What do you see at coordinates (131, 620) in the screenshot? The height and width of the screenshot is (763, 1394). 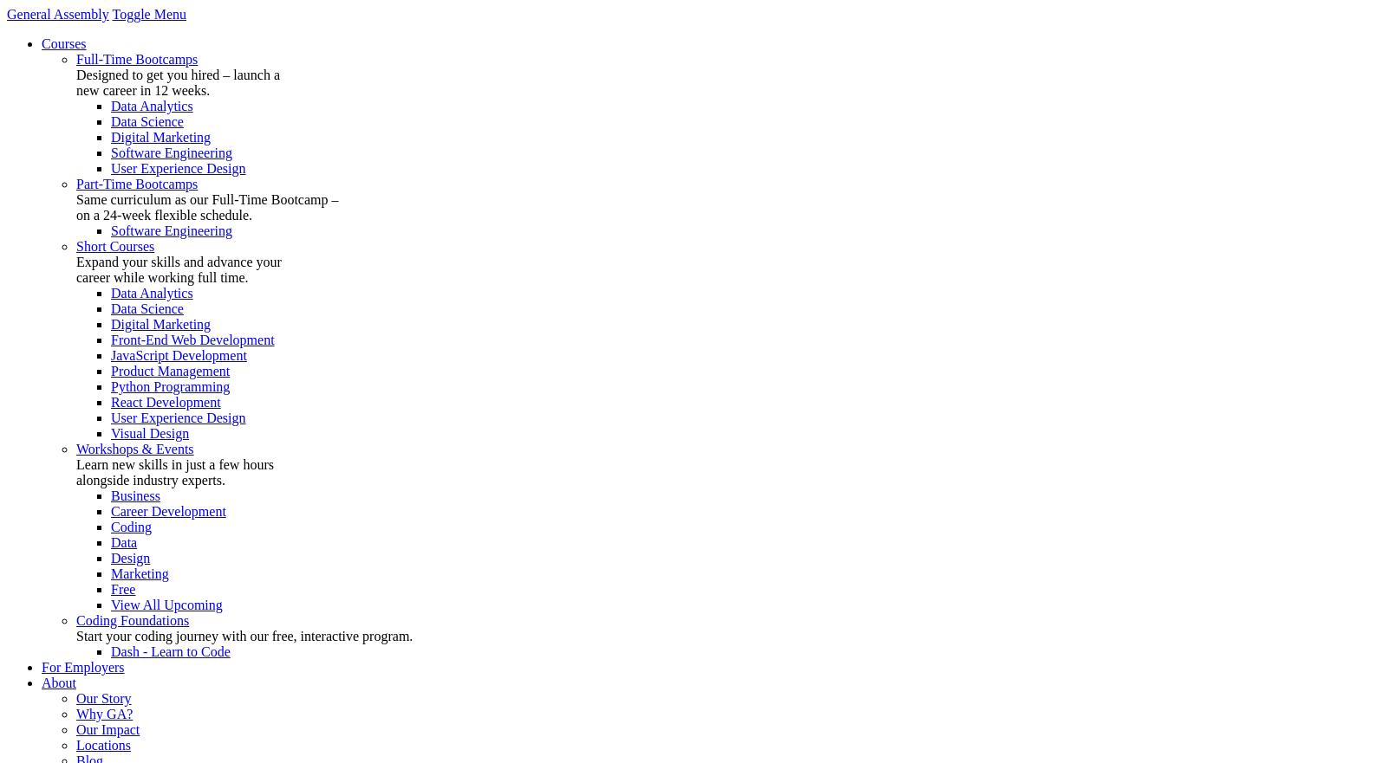 I see `'Coding Foundations'` at bounding box center [131, 620].